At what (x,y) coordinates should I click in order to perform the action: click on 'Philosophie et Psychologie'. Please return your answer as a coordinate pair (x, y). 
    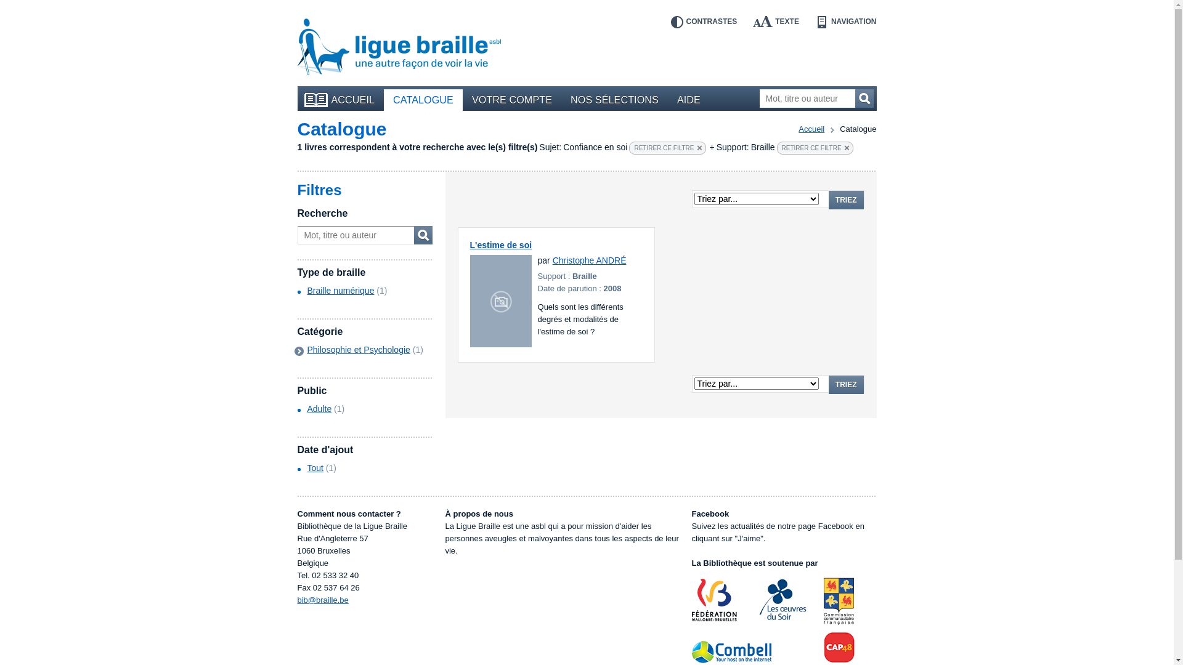
    Looking at the image, I should click on (357, 349).